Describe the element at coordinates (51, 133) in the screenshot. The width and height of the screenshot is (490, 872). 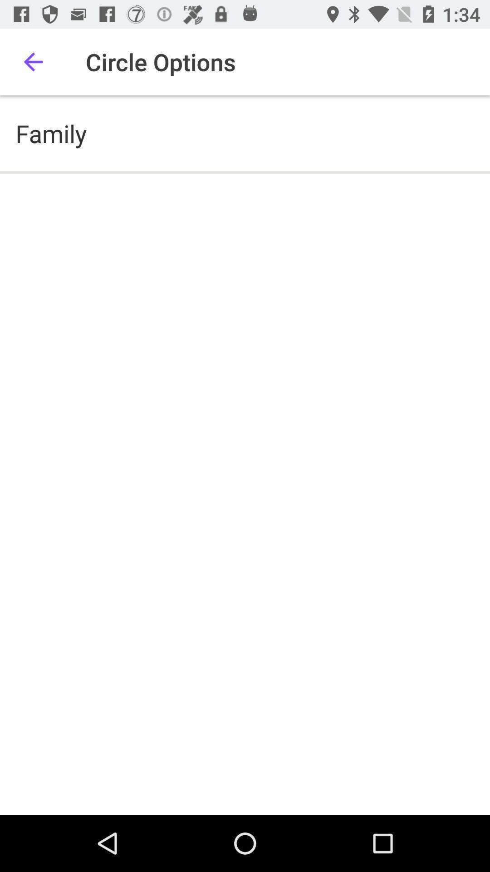
I see `the family item` at that location.